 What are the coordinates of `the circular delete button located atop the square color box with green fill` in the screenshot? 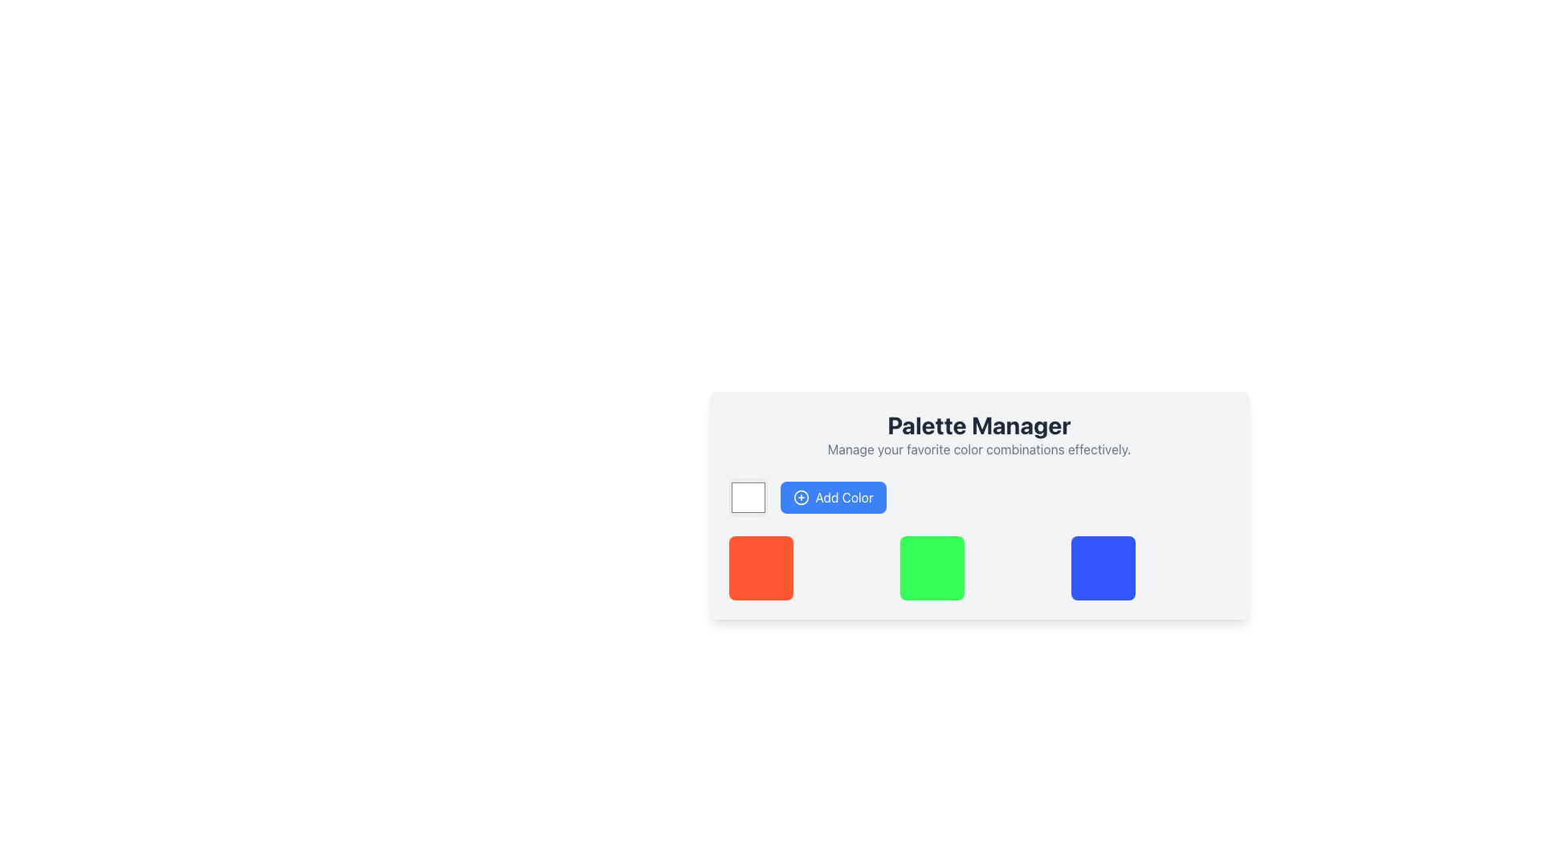 It's located at (1044, 550).